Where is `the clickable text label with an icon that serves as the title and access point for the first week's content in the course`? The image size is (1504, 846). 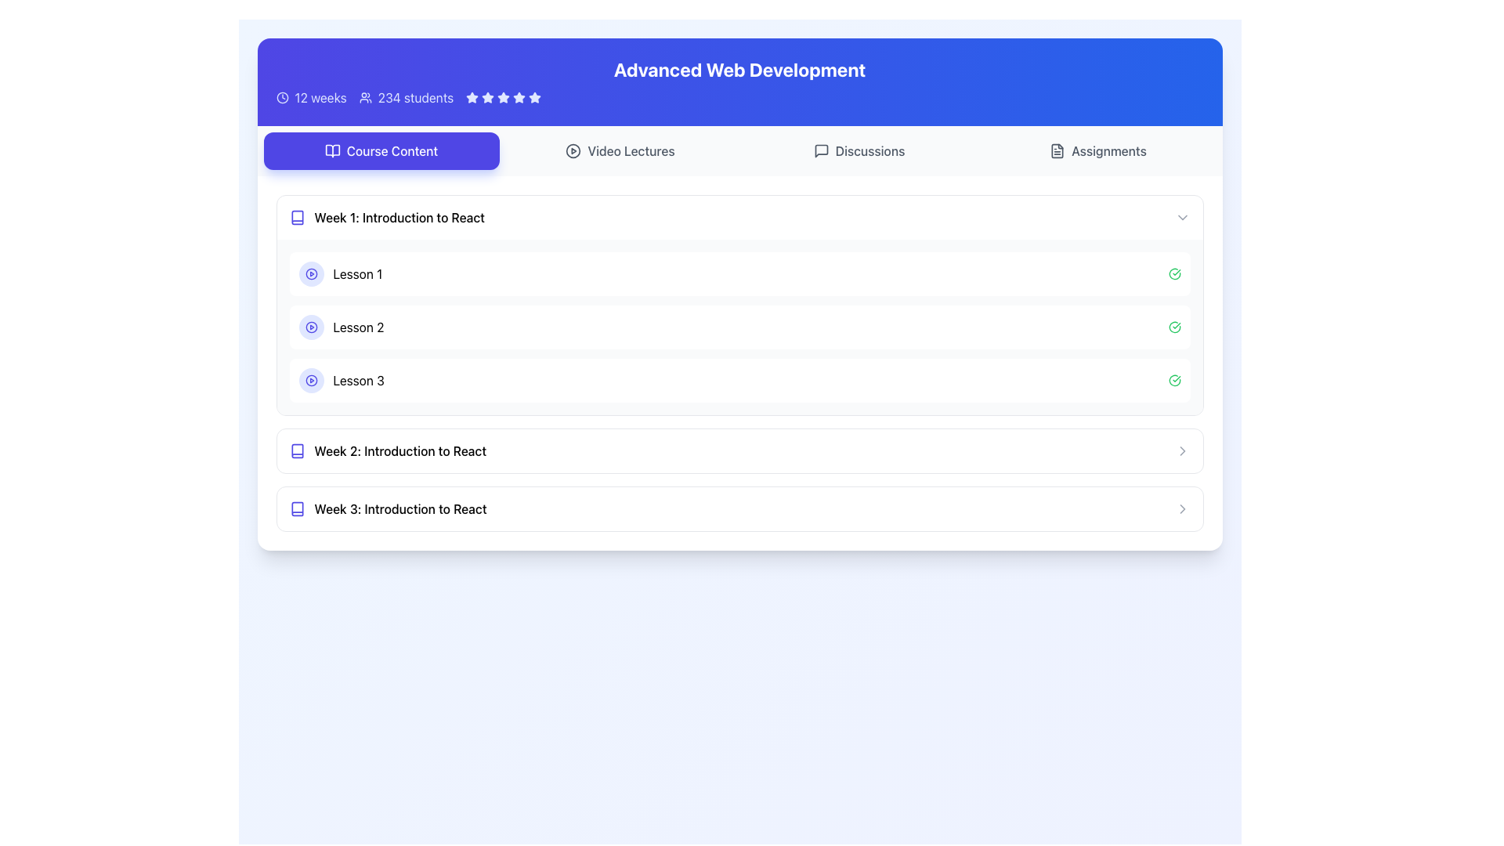
the clickable text label with an icon that serves as the title and access point for the first week's content in the course is located at coordinates (387, 217).